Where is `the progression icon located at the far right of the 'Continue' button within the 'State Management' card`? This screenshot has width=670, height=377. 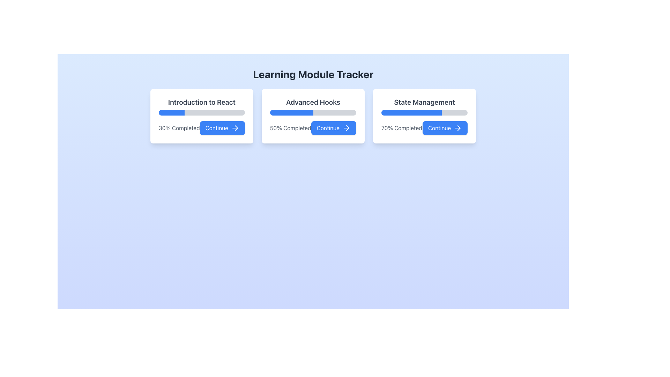
the progression icon located at the far right of the 'Continue' button within the 'State Management' card is located at coordinates (458, 128).